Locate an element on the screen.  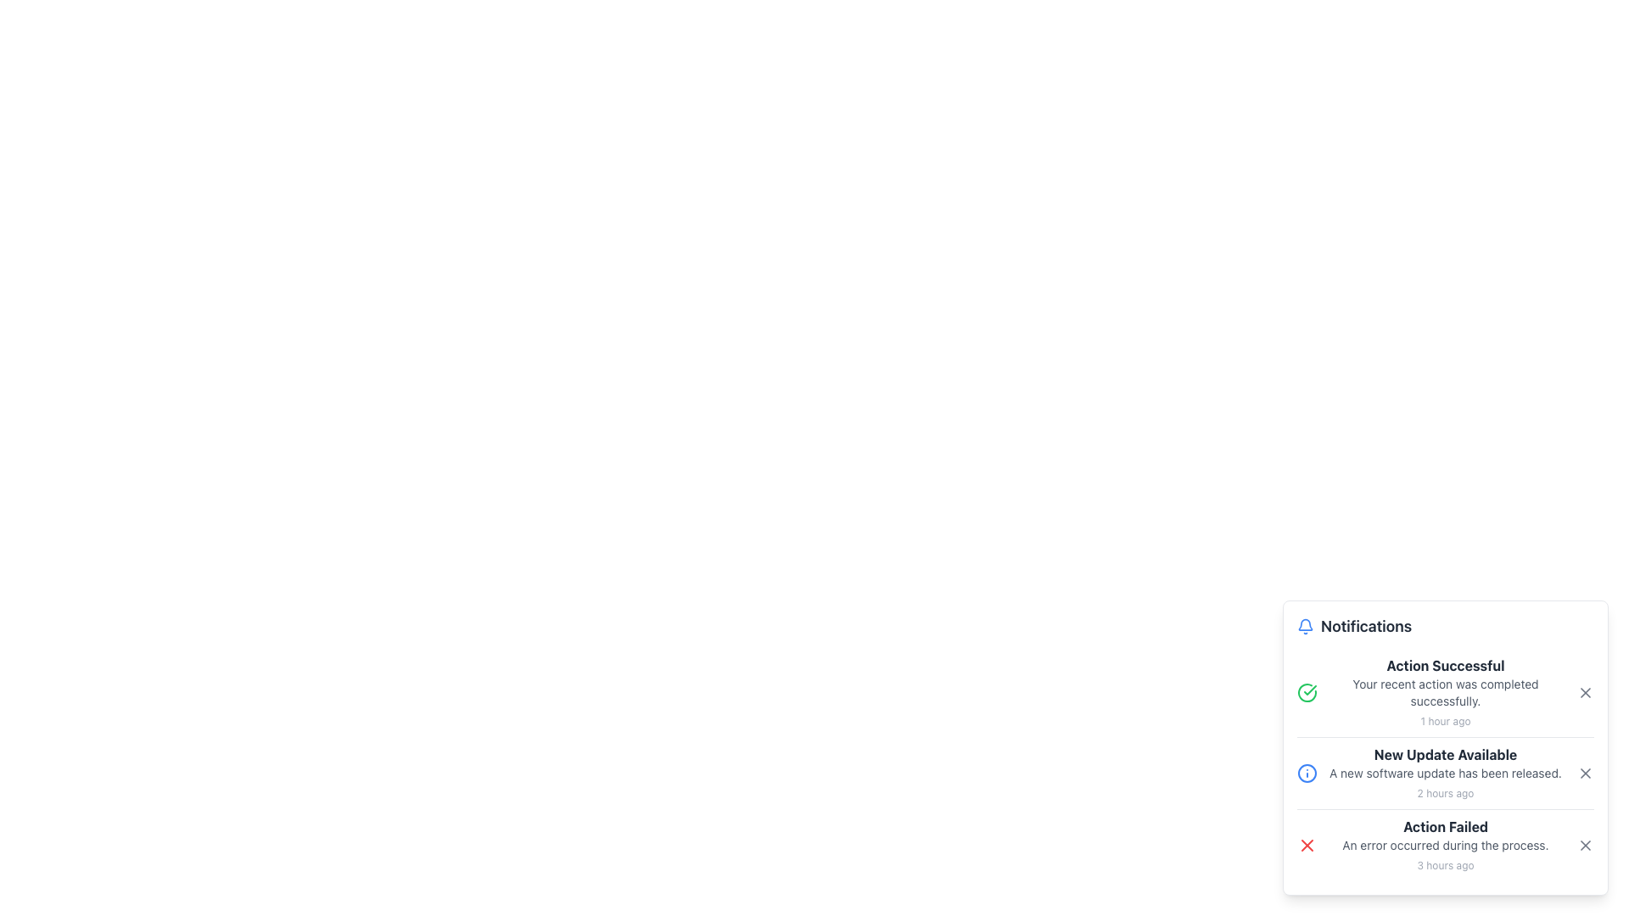
the small square button with an 'X' symbol is located at coordinates (1584, 845).